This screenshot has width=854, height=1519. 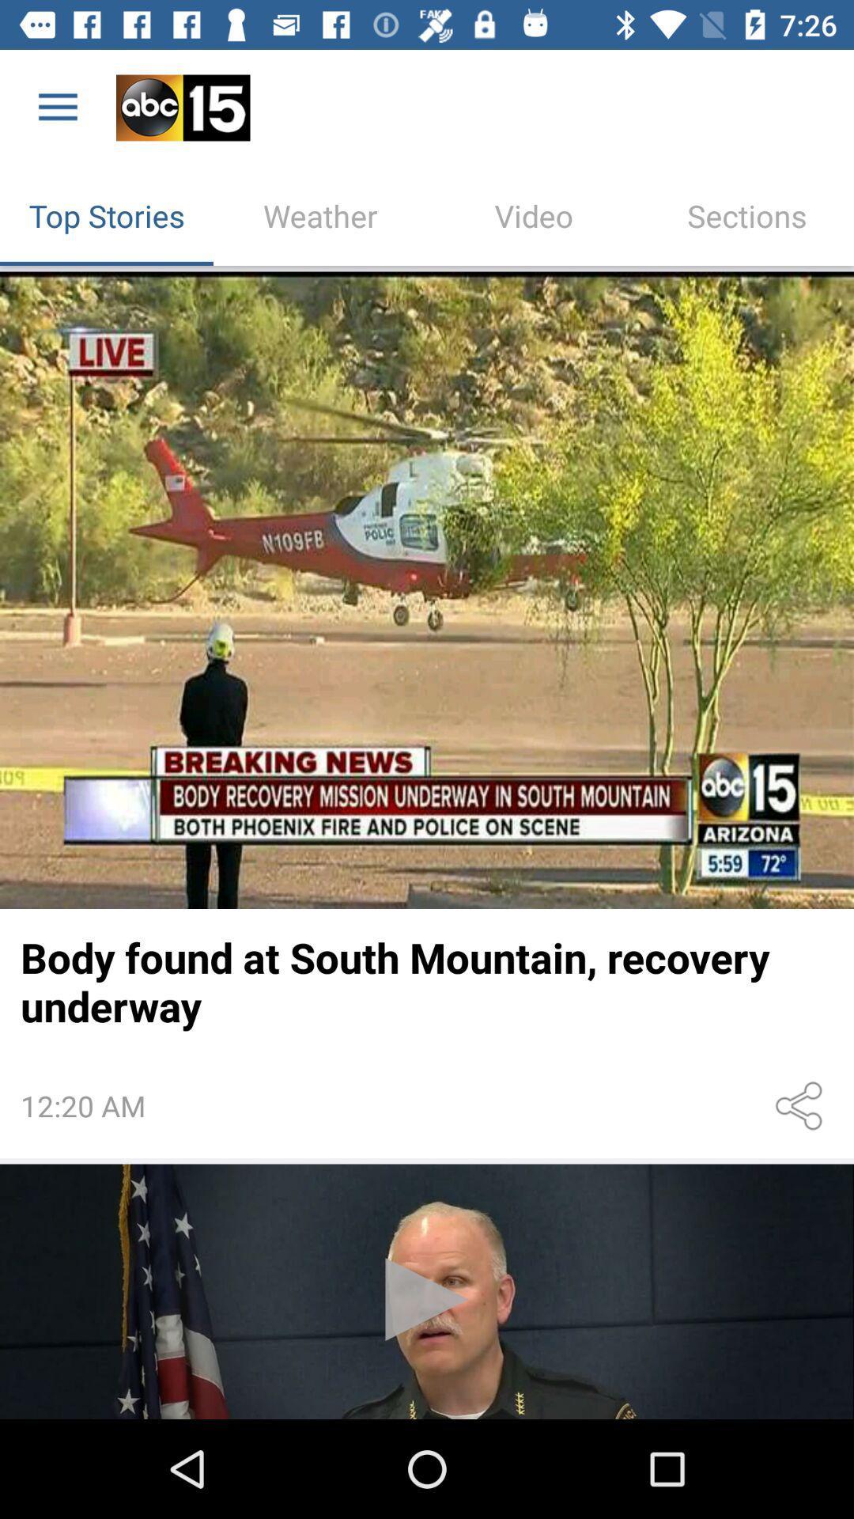 What do you see at coordinates (427, 589) in the screenshot?
I see `news` at bounding box center [427, 589].